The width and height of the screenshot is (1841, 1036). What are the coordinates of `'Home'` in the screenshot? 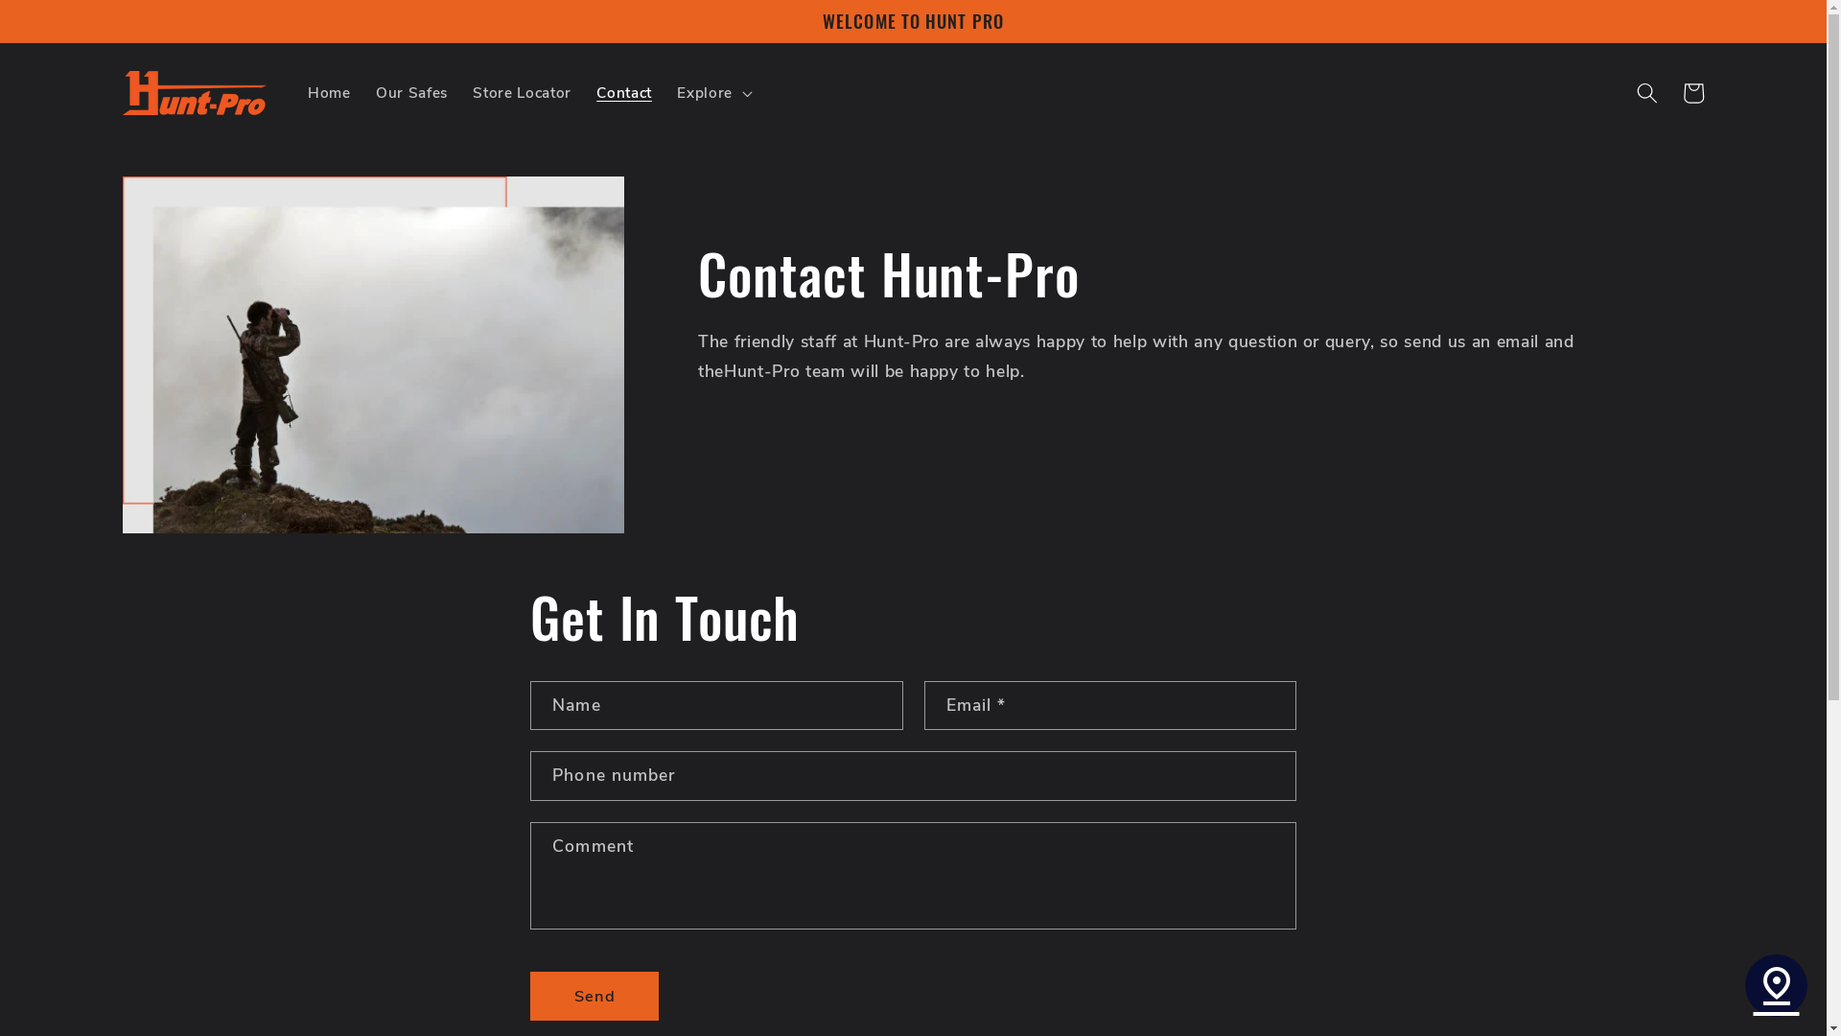 It's located at (329, 92).